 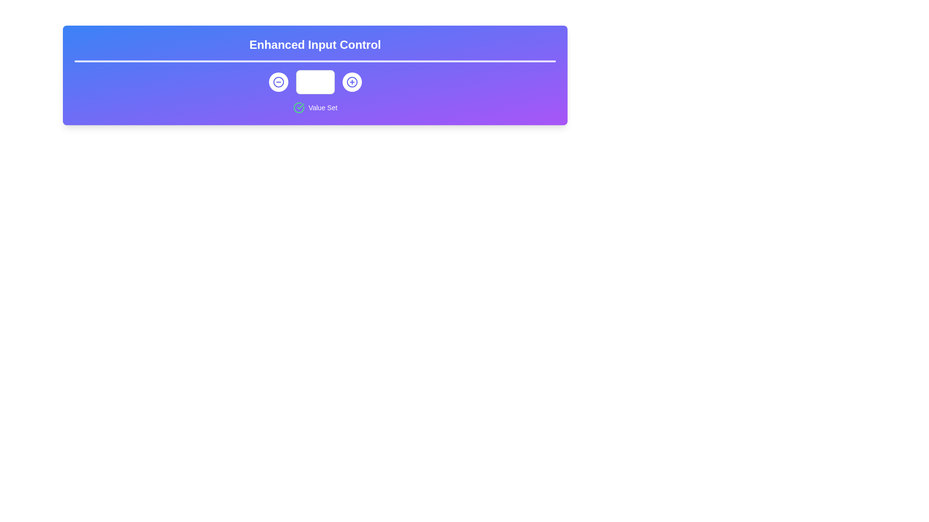 I want to click on the indigo circular icon with a horizontal line in the middle, located leftmost among three adjacent icons, so click(x=278, y=81).